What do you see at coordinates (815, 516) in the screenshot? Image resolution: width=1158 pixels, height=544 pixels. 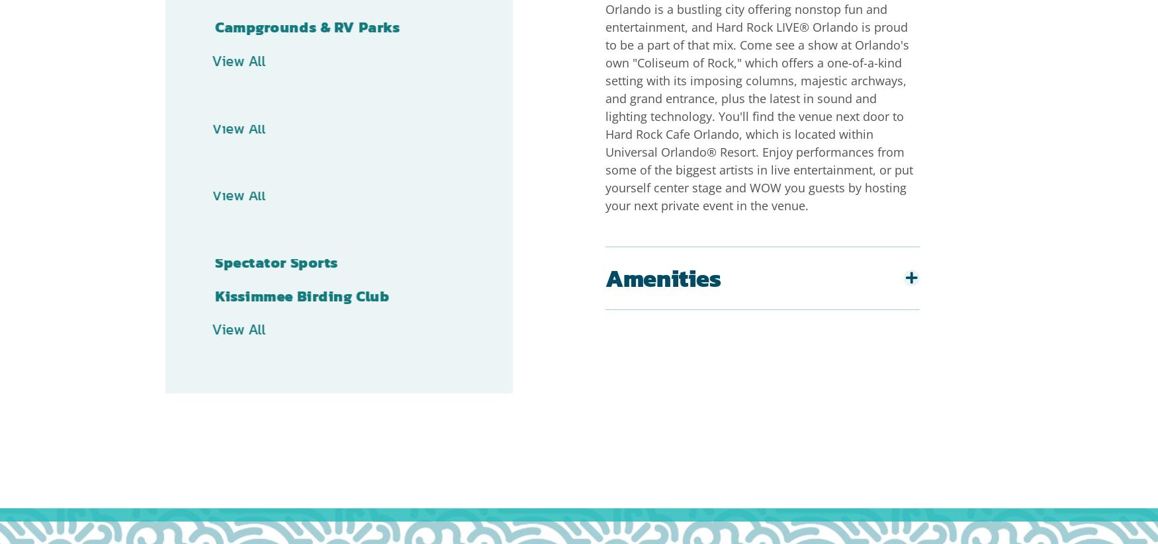 I see `'Press'` at bounding box center [815, 516].